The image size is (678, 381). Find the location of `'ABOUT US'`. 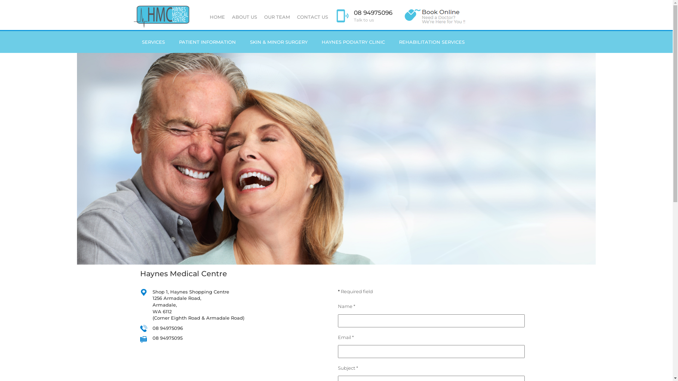

'ABOUT US' is located at coordinates (244, 16).